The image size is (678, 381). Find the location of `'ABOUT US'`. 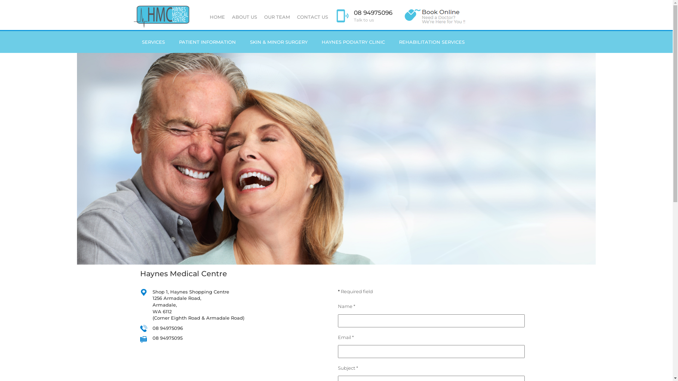

'ABOUT US' is located at coordinates (244, 16).